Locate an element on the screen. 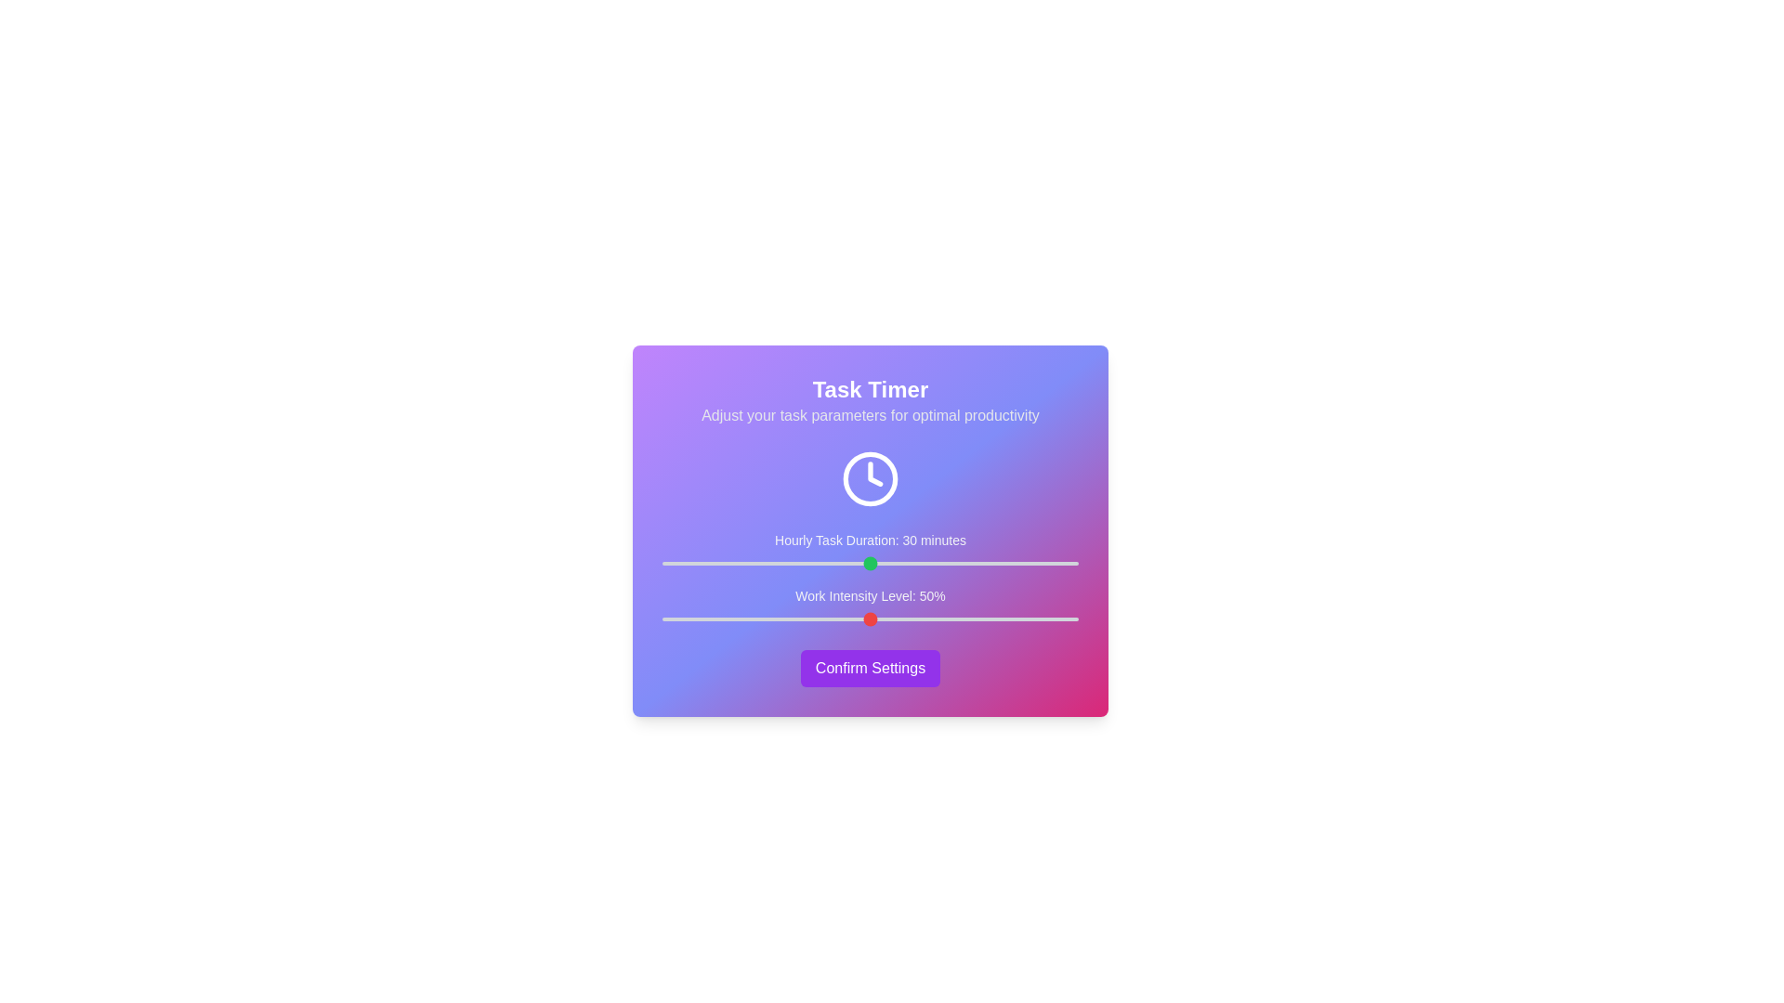 The width and height of the screenshot is (1784, 1003). the 'Hourly Task Duration' slider to 30 minutes is located at coordinates (869, 562).